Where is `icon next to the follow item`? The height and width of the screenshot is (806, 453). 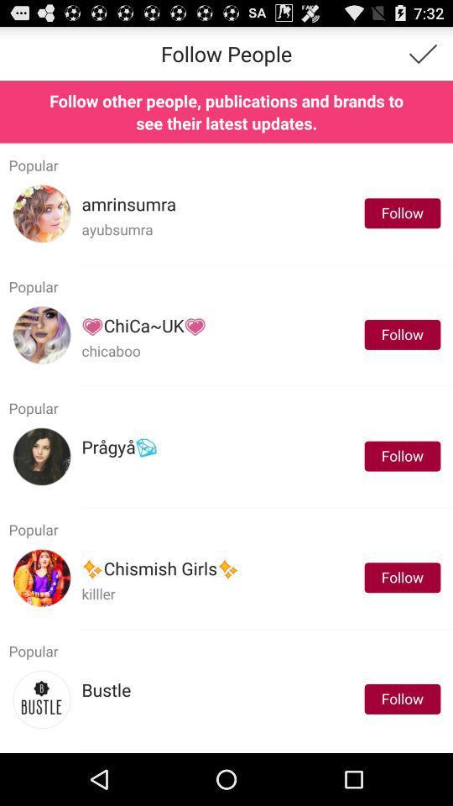
icon next to the follow item is located at coordinates (160, 569).